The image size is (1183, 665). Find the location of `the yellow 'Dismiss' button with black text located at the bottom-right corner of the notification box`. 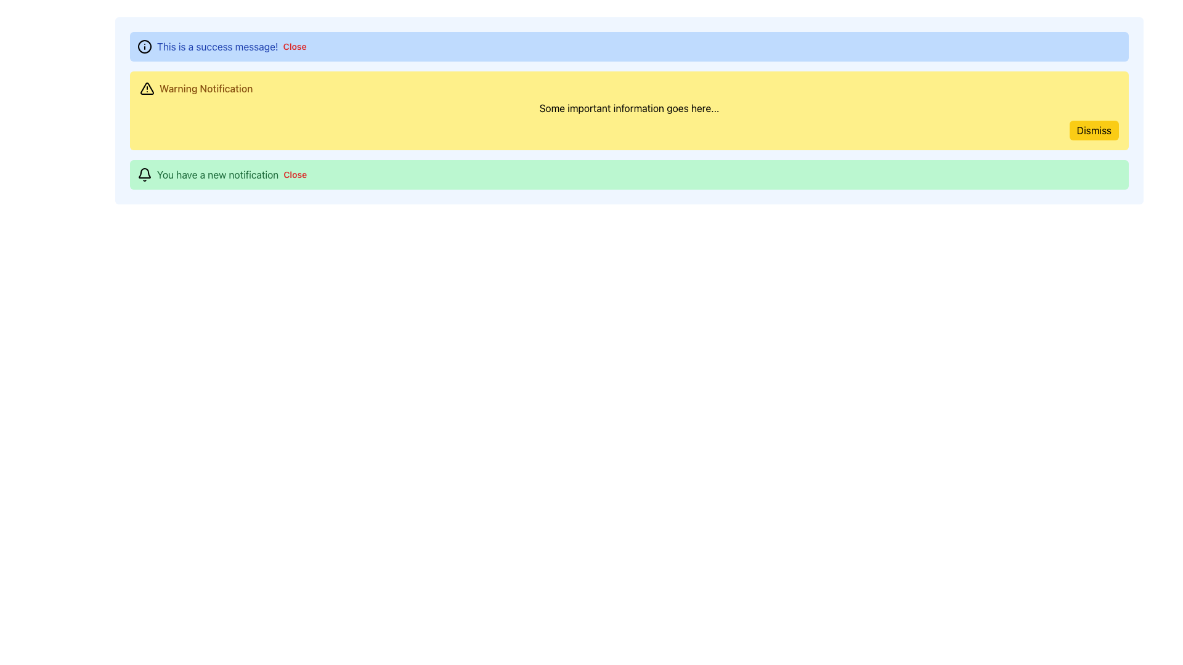

the yellow 'Dismiss' button with black text located at the bottom-right corner of the notification box is located at coordinates (1094, 131).